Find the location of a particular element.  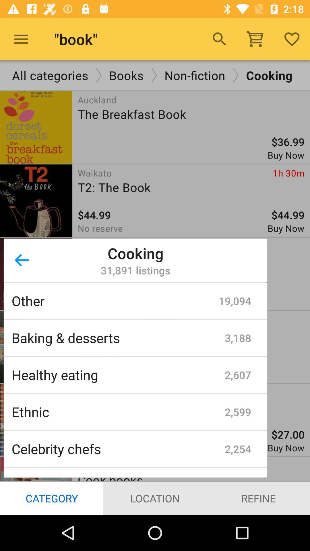

icon below the healthy eating is located at coordinates (118, 412).